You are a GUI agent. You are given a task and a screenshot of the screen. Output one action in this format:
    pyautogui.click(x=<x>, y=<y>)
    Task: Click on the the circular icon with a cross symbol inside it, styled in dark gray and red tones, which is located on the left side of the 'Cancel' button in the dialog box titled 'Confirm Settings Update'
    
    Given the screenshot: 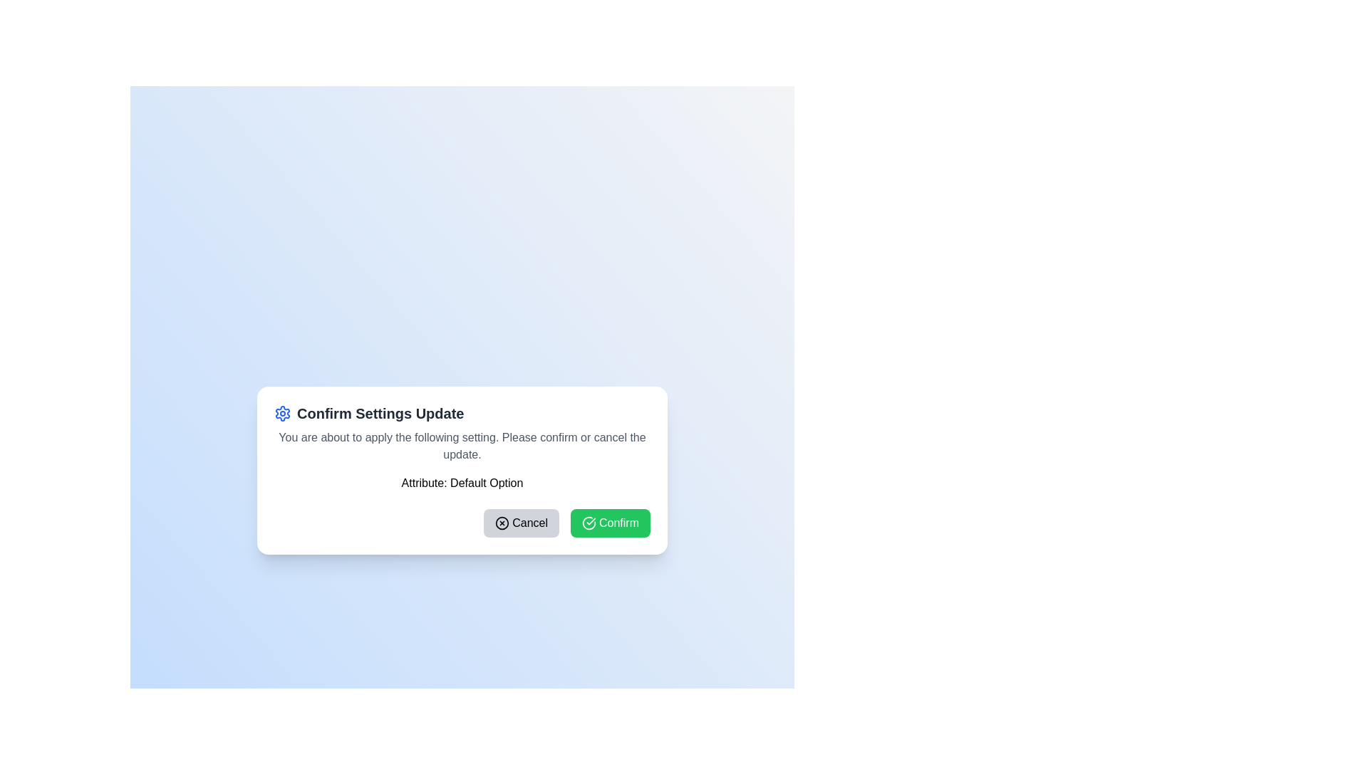 What is the action you would take?
    pyautogui.click(x=502, y=523)
    